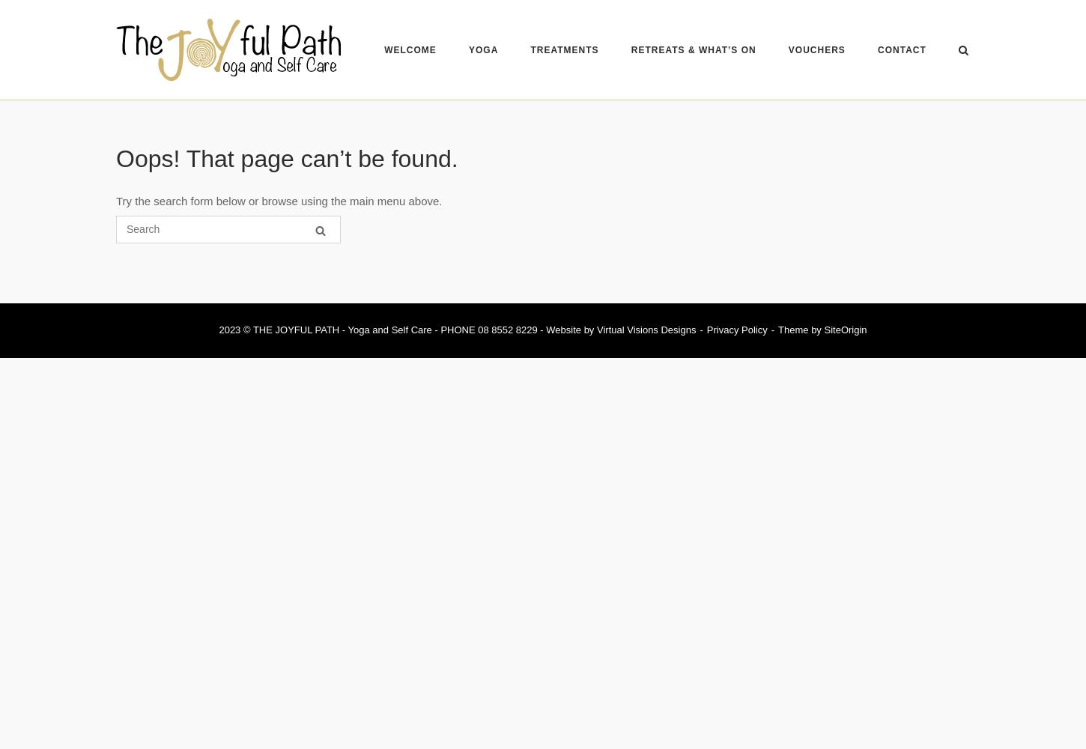 The image size is (1086, 749). Describe the element at coordinates (285, 158) in the screenshot. I see `'Oops! That page can’t be found.'` at that location.